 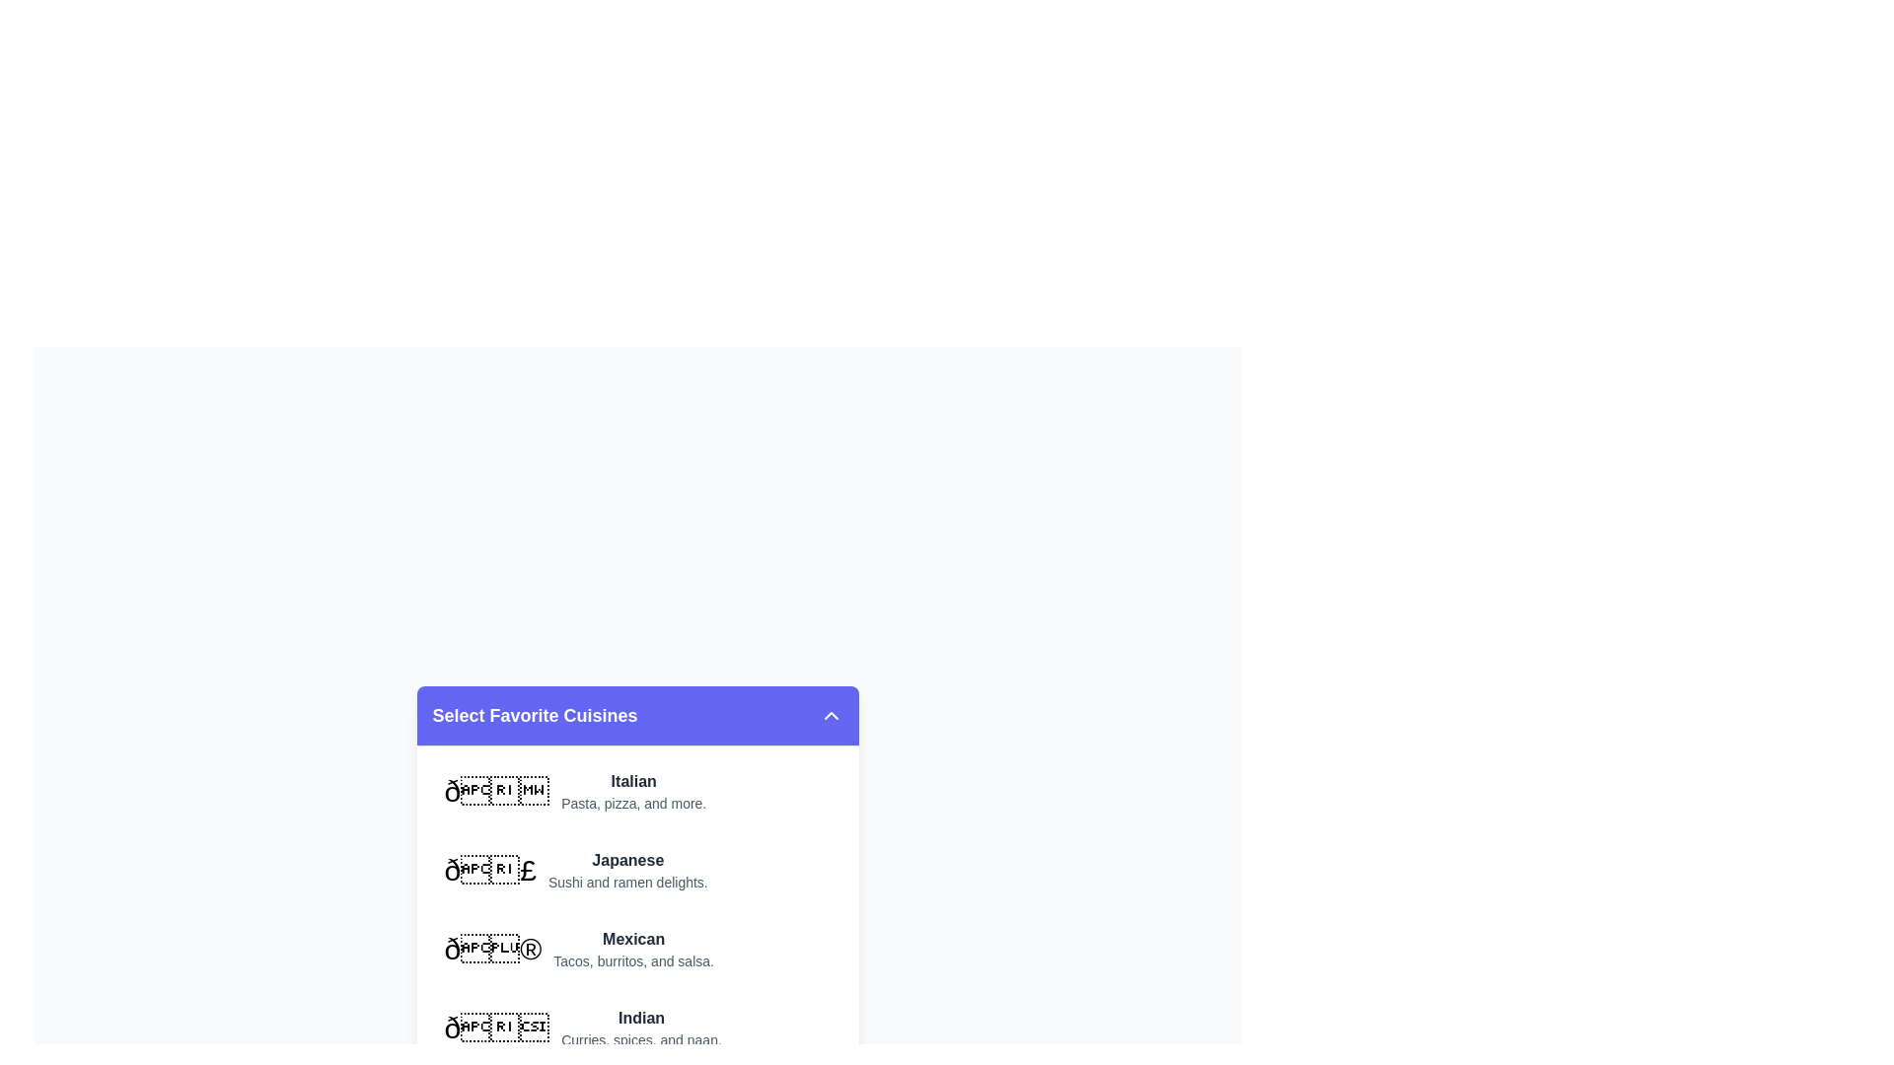 I want to click on the descriptive text 'Curries, spices, and naan.' located beneath the bold 'Indian' title in the 'Select Favorite Cuisines' section, so click(x=641, y=1038).